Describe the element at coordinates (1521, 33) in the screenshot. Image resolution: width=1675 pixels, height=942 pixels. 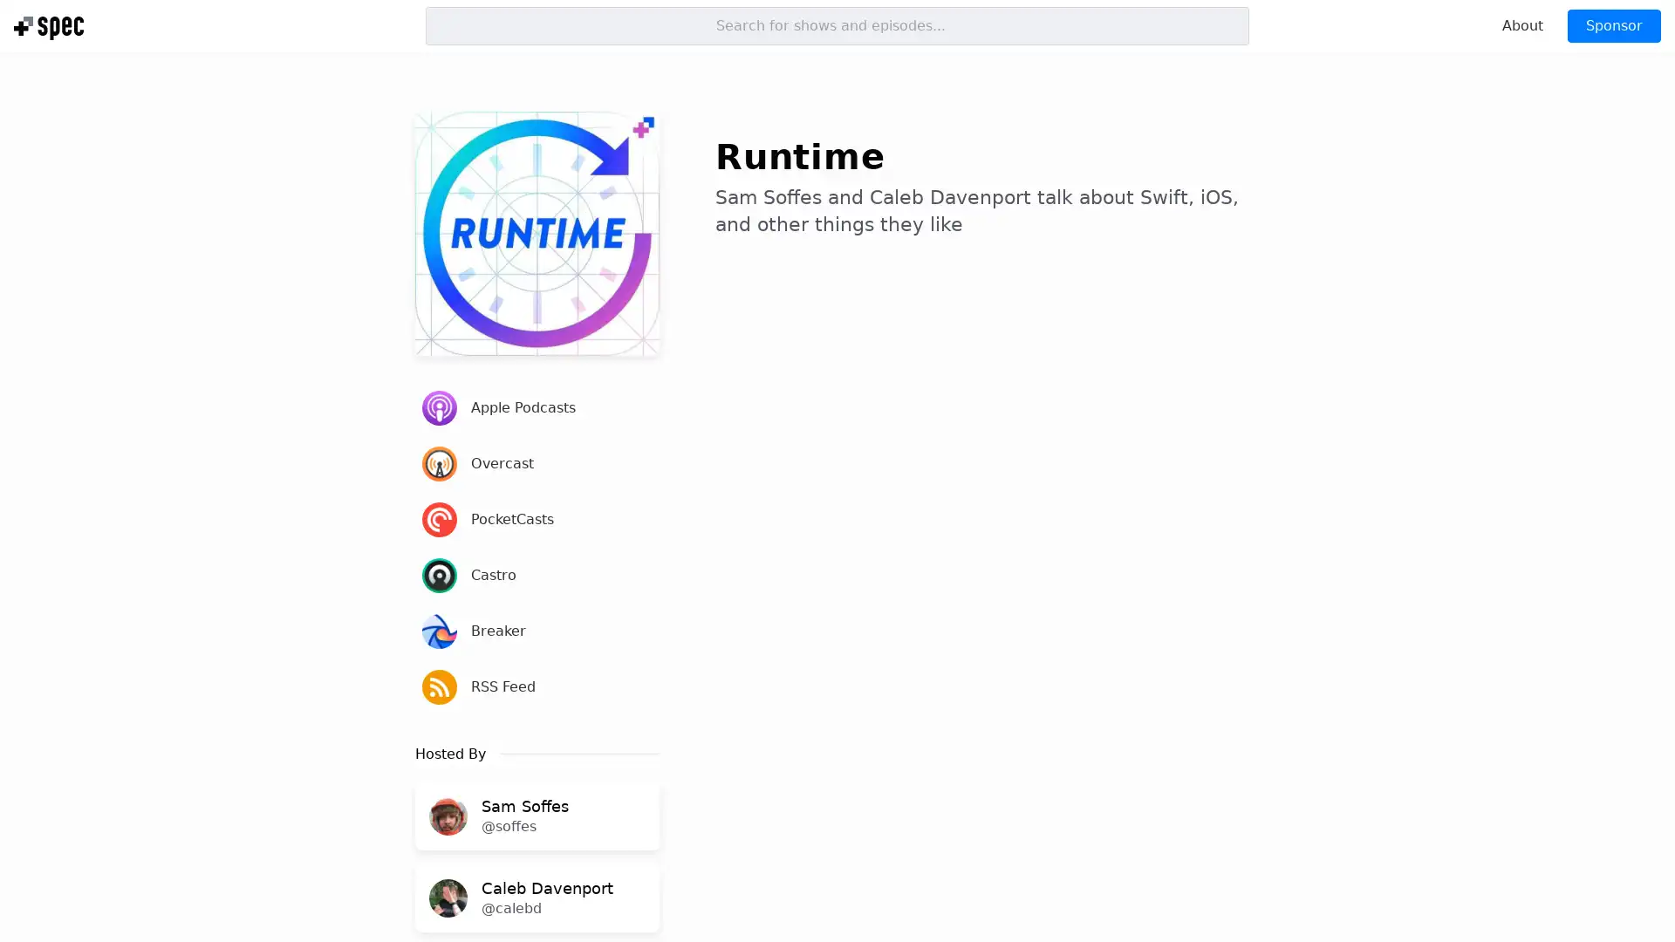
I see `About` at that location.